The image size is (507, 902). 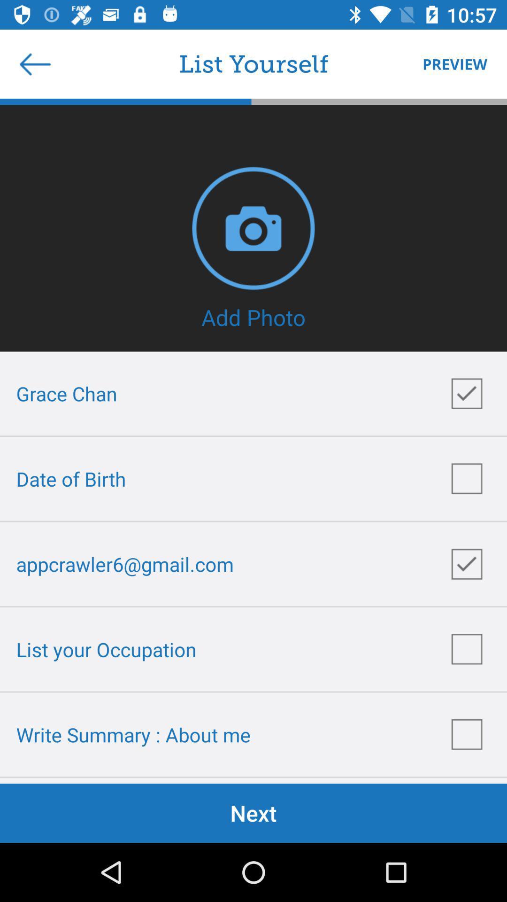 What do you see at coordinates (450, 63) in the screenshot?
I see `the icon next to list yourself item` at bounding box center [450, 63].